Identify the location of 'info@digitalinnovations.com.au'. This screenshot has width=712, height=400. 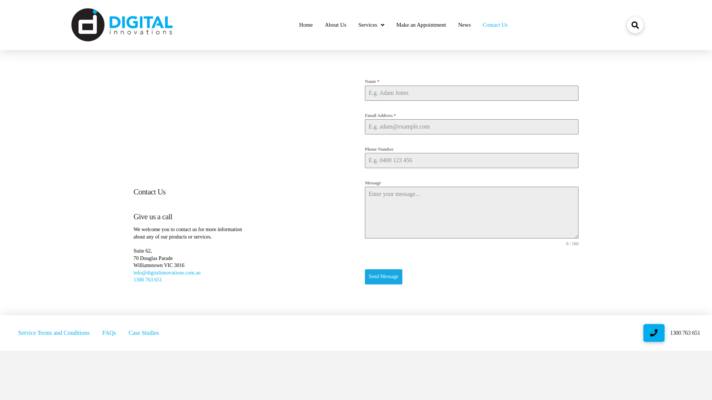
(167, 273).